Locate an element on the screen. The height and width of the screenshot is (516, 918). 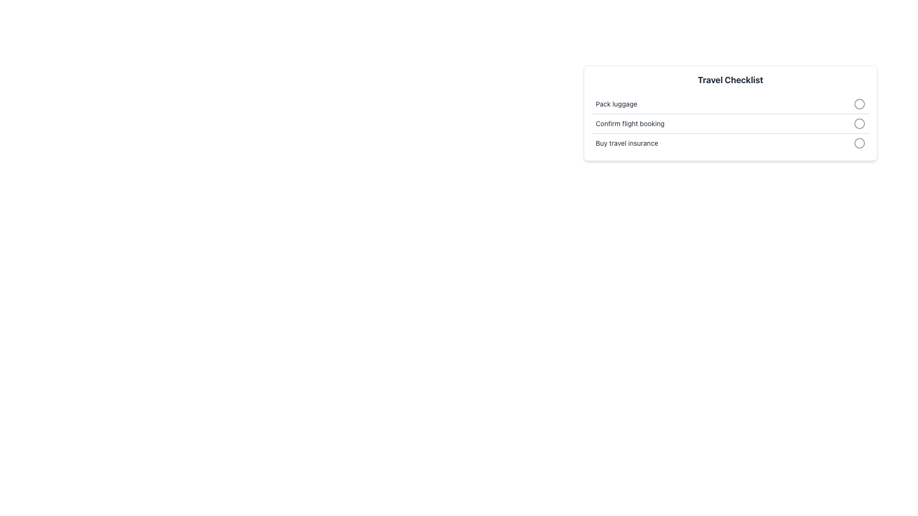
the circular toggle associated with the checklist item labeled 'Confirm flight booking' is located at coordinates (730, 123).